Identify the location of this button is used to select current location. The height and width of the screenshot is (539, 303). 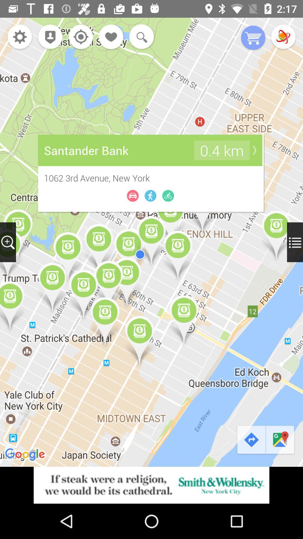
(79, 37).